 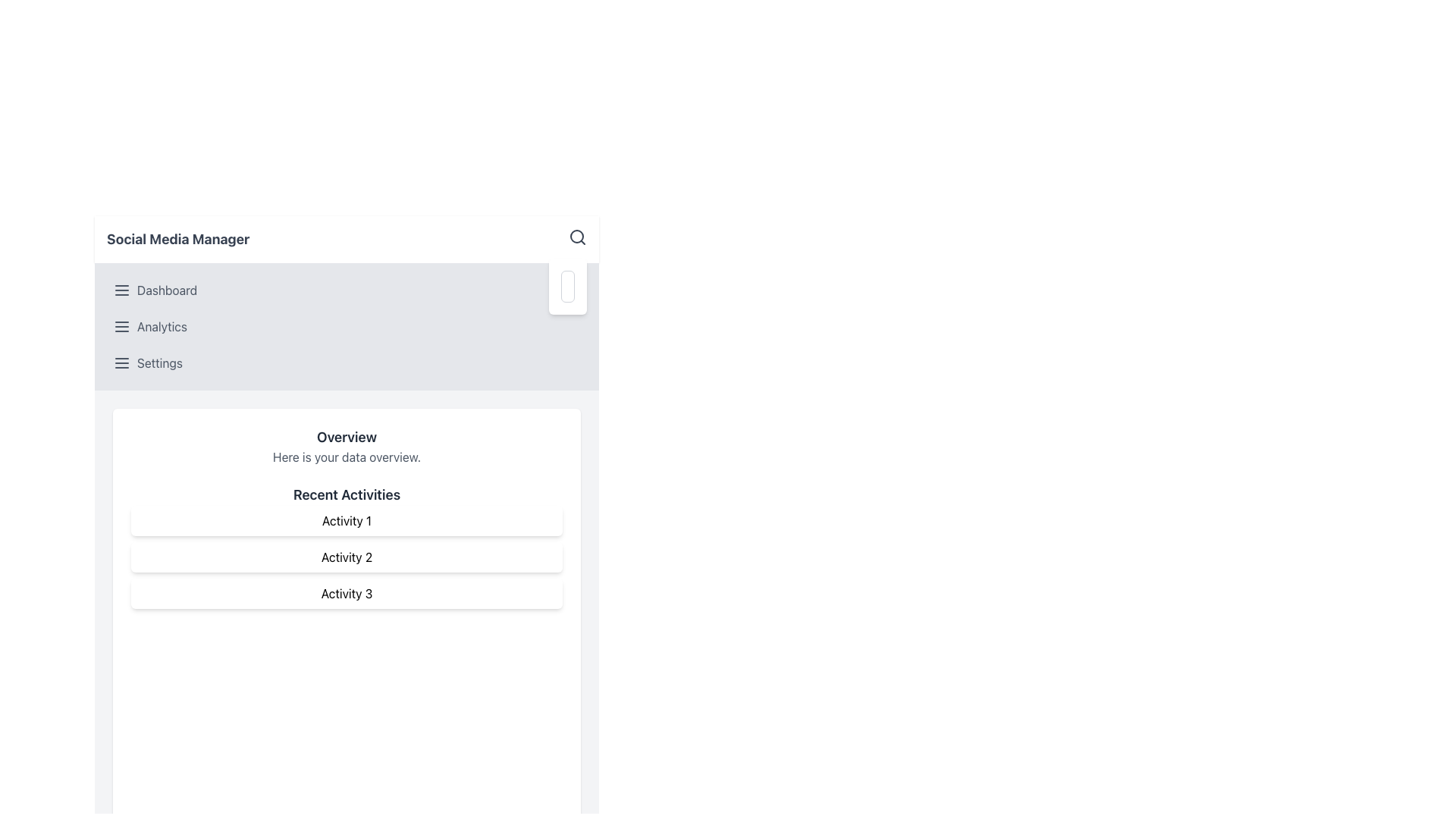 What do you see at coordinates (346, 494) in the screenshot?
I see `the section title text label that indicates the context for recent activities, located centrally below the 'Overview' header and above the activities list` at bounding box center [346, 494].